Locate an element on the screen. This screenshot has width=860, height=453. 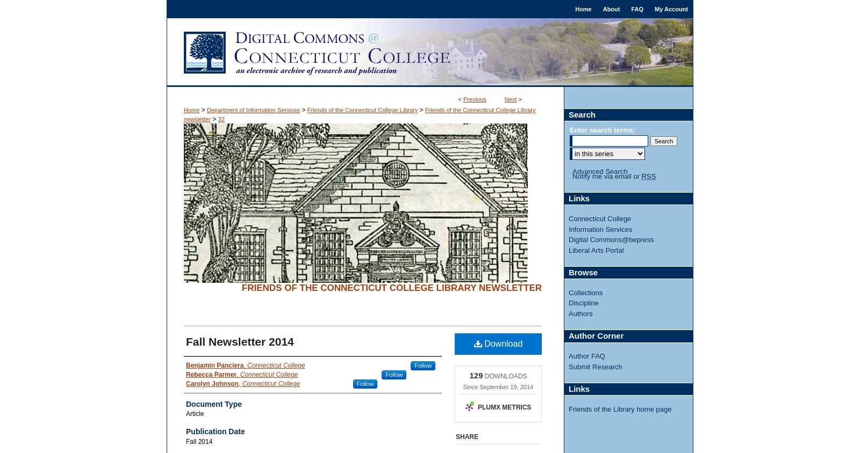
'129' is located at coordinates (475, 375).